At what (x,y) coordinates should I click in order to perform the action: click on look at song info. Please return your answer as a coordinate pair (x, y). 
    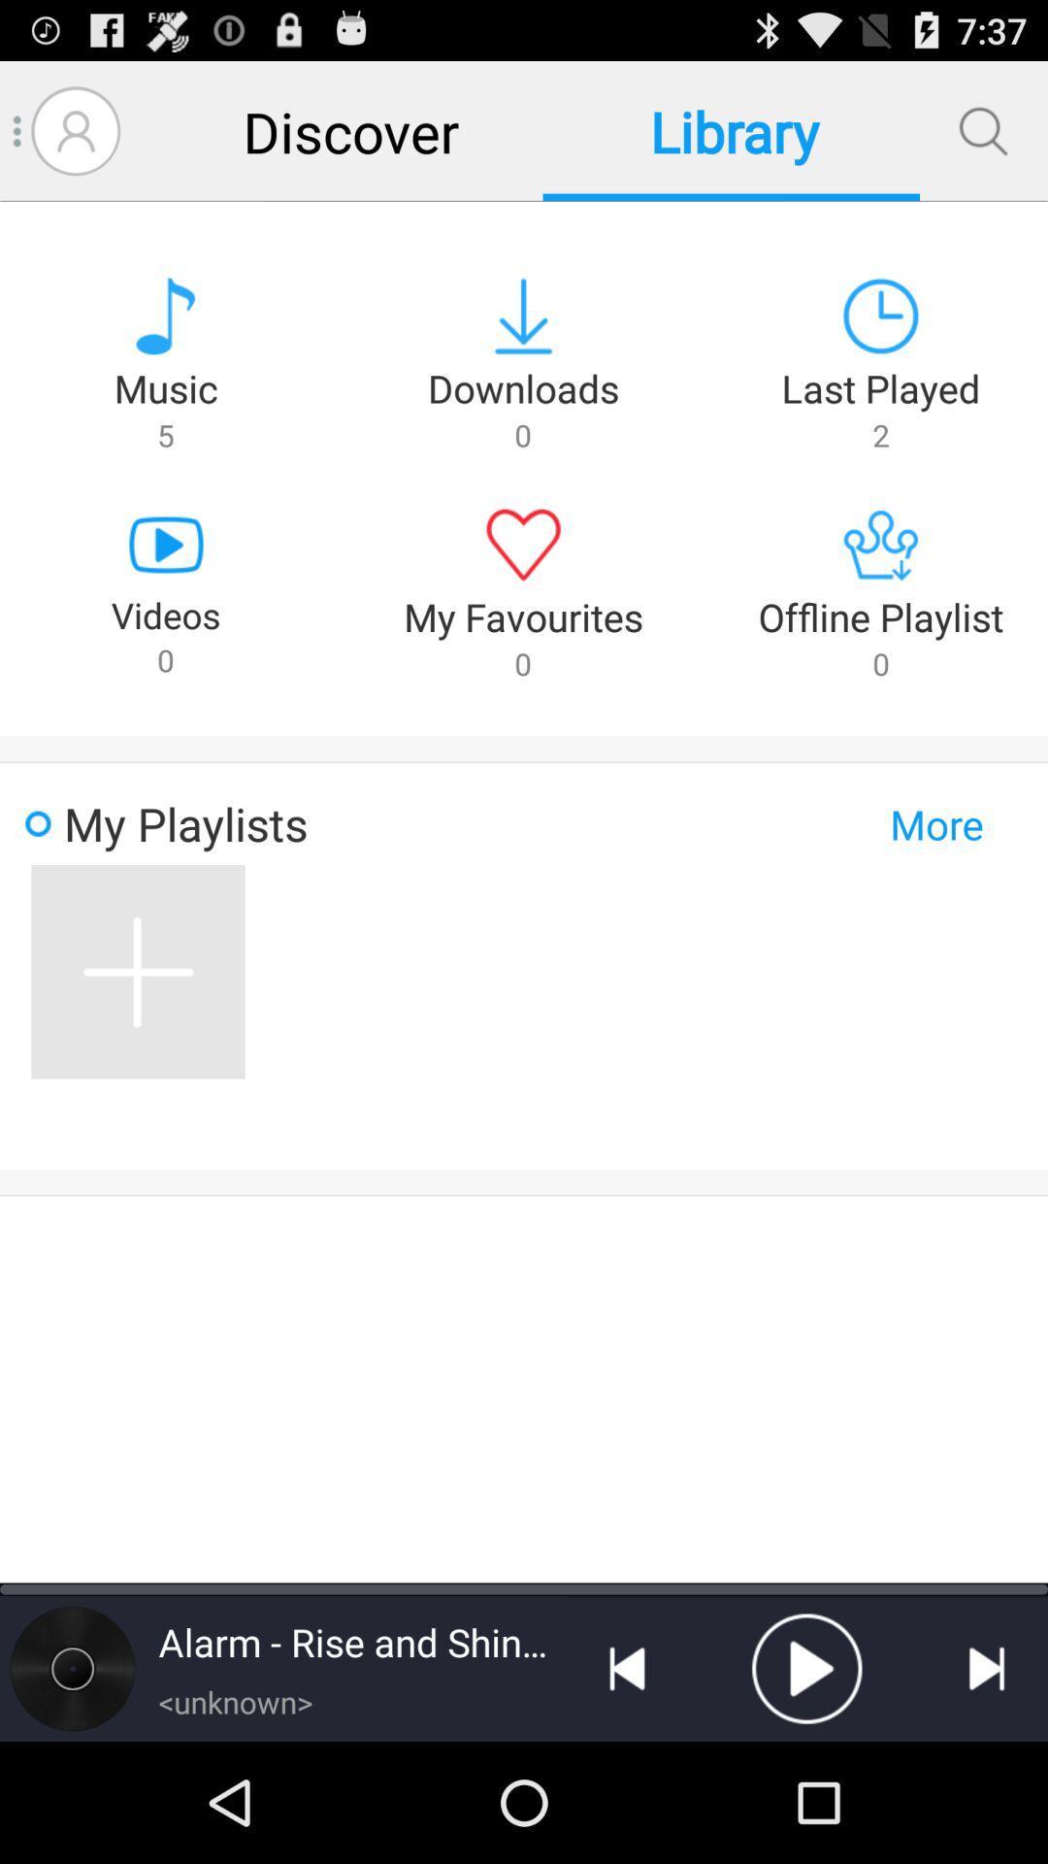
    Looking at the image, I should click on (71, 1667).